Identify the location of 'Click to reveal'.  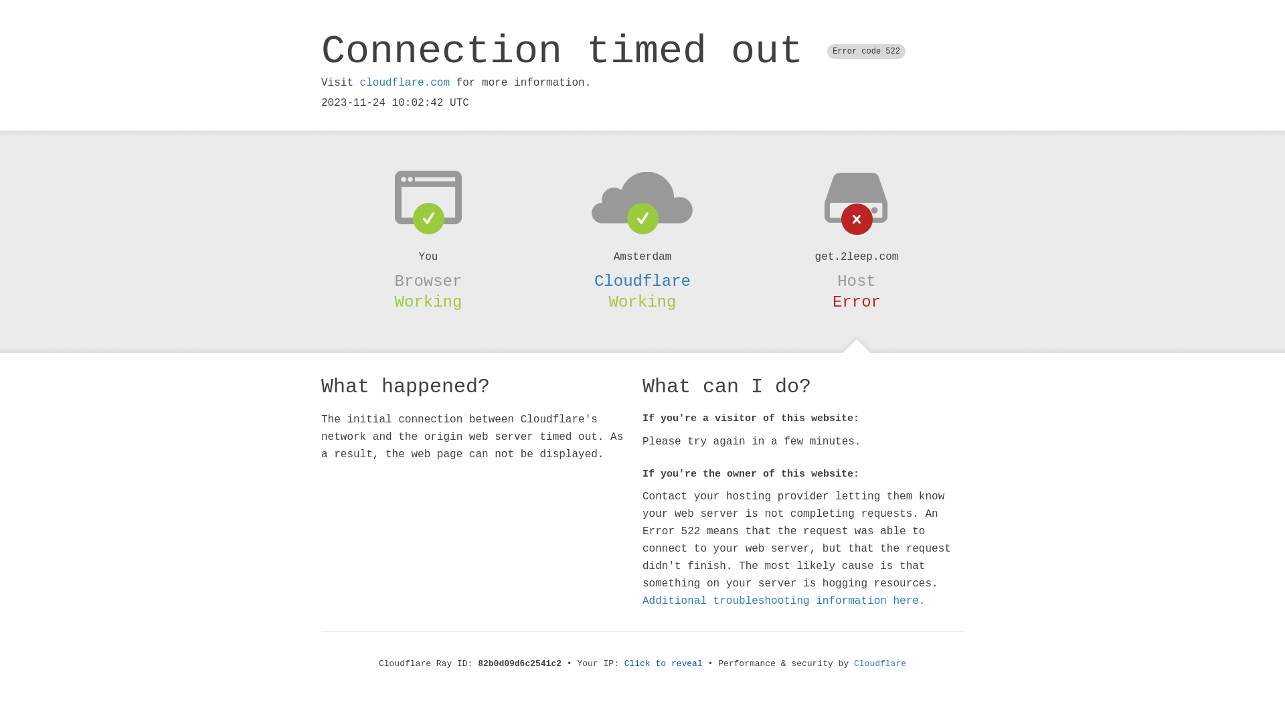
(663, 663).